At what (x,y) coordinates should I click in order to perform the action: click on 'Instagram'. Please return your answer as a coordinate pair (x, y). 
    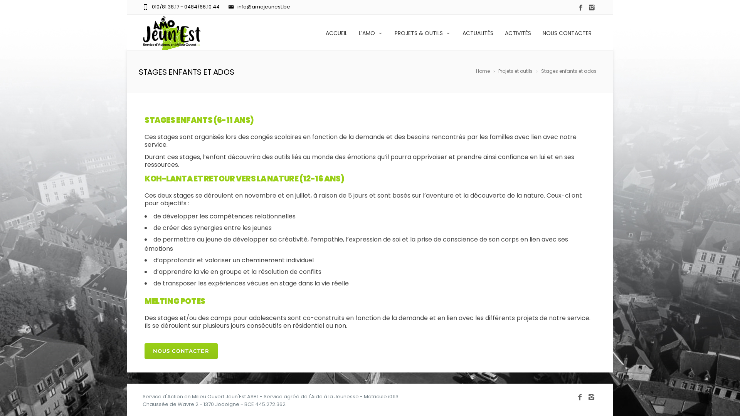
    Looking at the image, I should click on (591, 397).